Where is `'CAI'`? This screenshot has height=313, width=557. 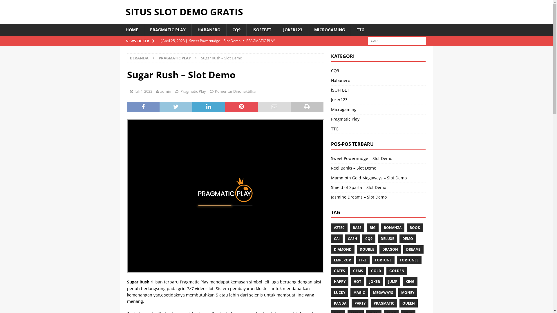
'CAI' is located at coordinates (337, 239).